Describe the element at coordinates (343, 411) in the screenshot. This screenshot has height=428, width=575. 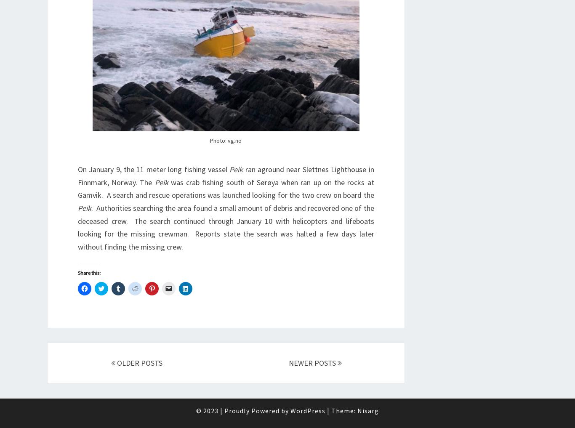
I see `'Theme:'` at that location.